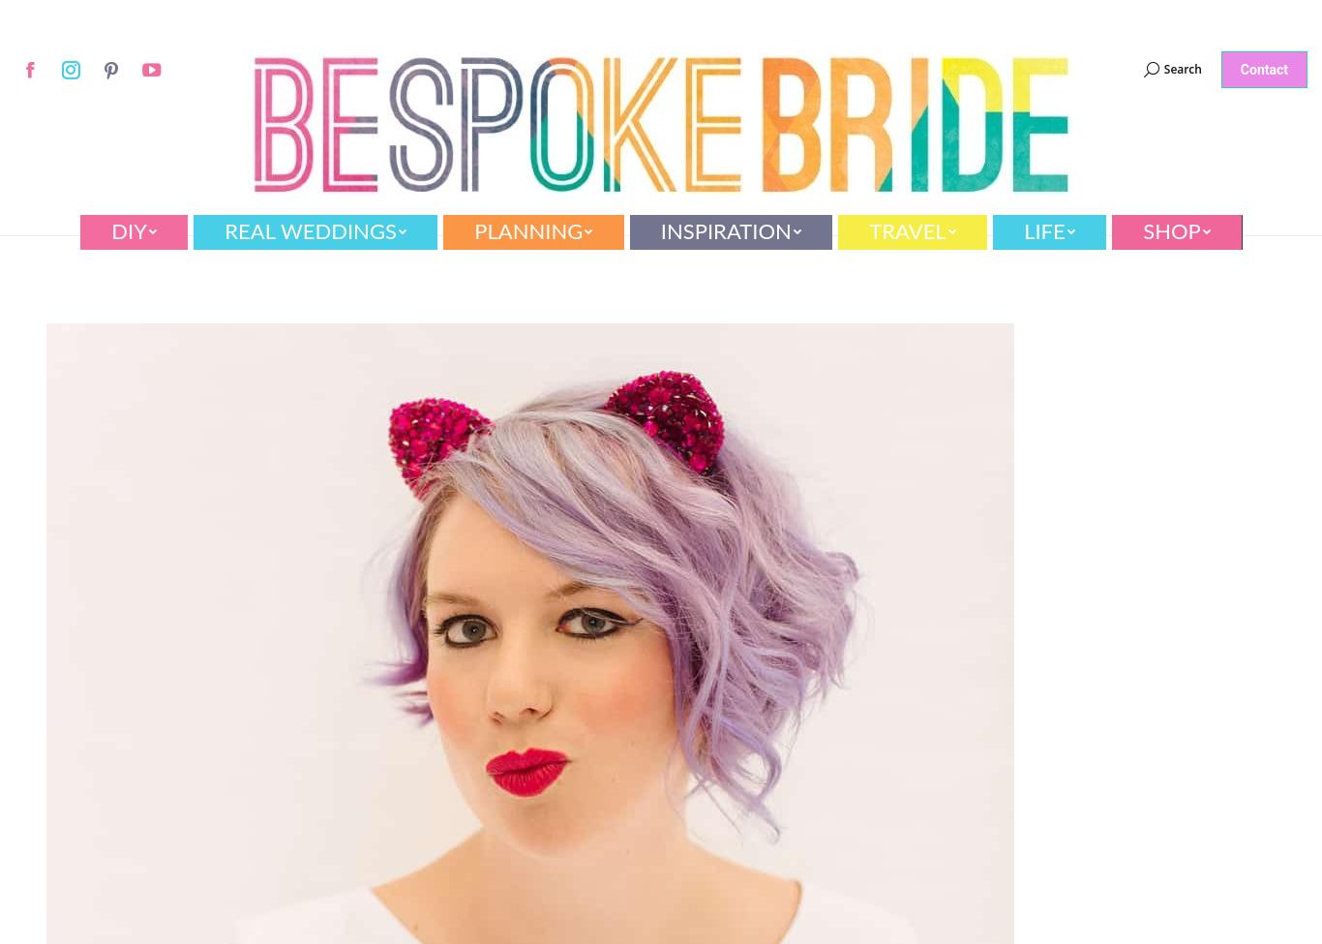 The image size is (1322, 944). Describe the element at coordinates (1009, 339) in the screenshot. I see `'Behind The Scenes'` at that location.